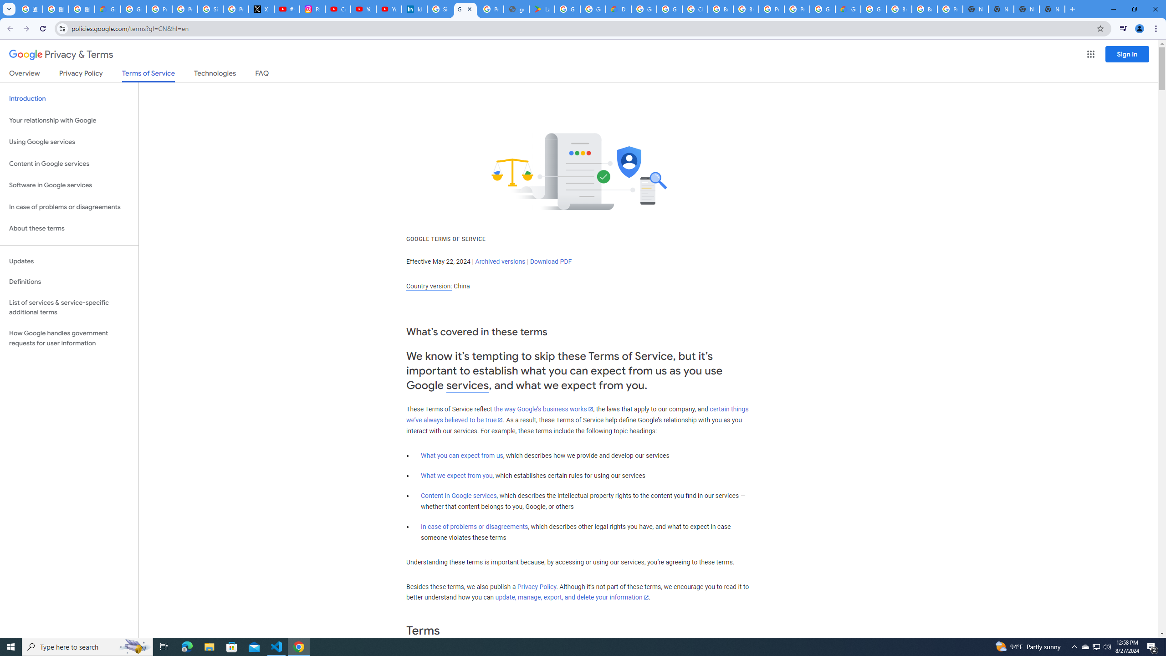 The height and width of the screenshot is (656, 1166). I want to click on 'New Tab', so click(1027, 9).